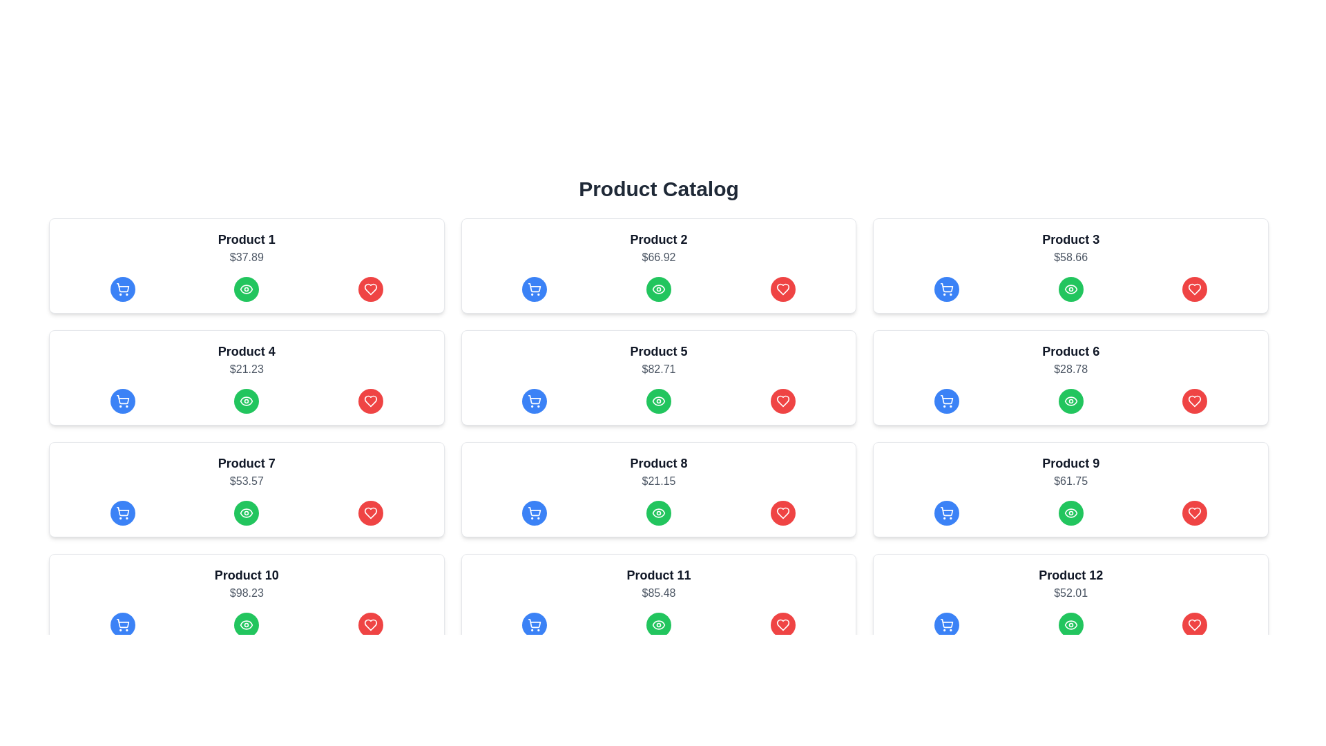 The width and height of the screenshot is (1326, 746). What do you see at coordinates (122, 401) in the screenshot?
I see `the shopping cart icon located in the first column under 'Product 4'` at bounding box center [122, 401].